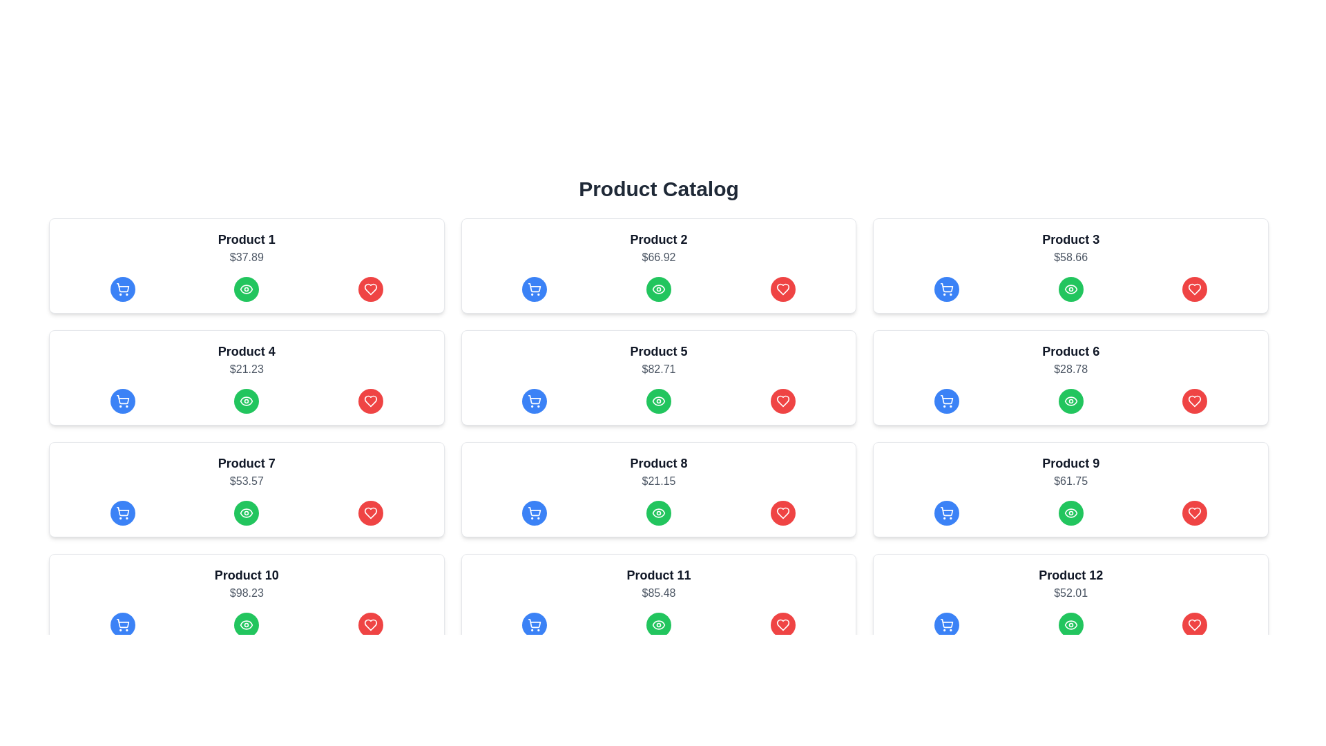 The width and height of the screenshot is (1326, 746). What do you see at coordinates (122, 401) in the screenshot?
I see `the shopping cart icon located in the first column under 'Product 4'` at bounding box center [122, 401].